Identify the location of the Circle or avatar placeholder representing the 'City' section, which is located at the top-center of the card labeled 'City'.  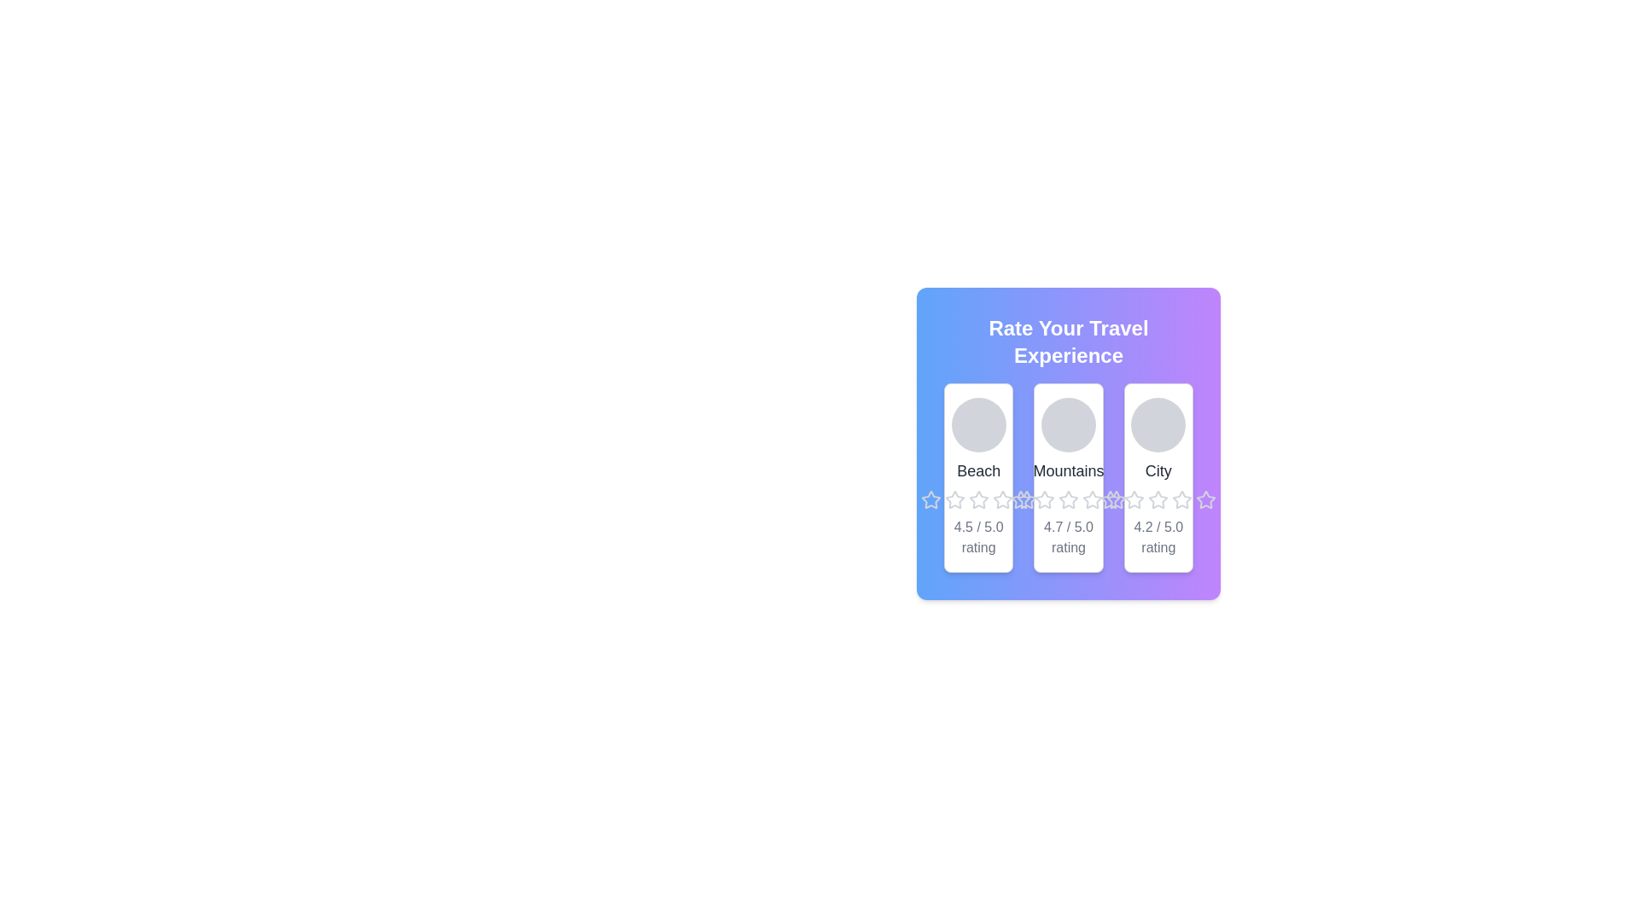
(1158, 423).